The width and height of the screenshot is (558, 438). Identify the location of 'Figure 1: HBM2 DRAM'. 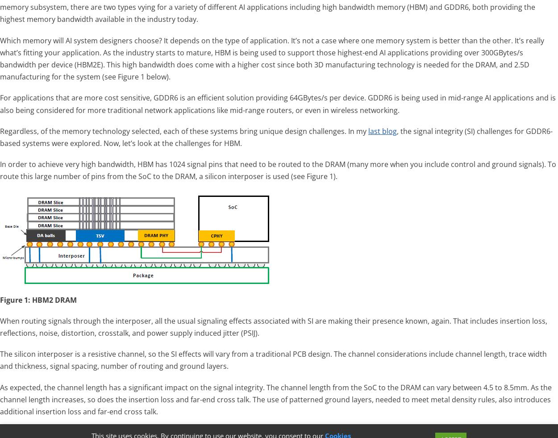
(0, 300).